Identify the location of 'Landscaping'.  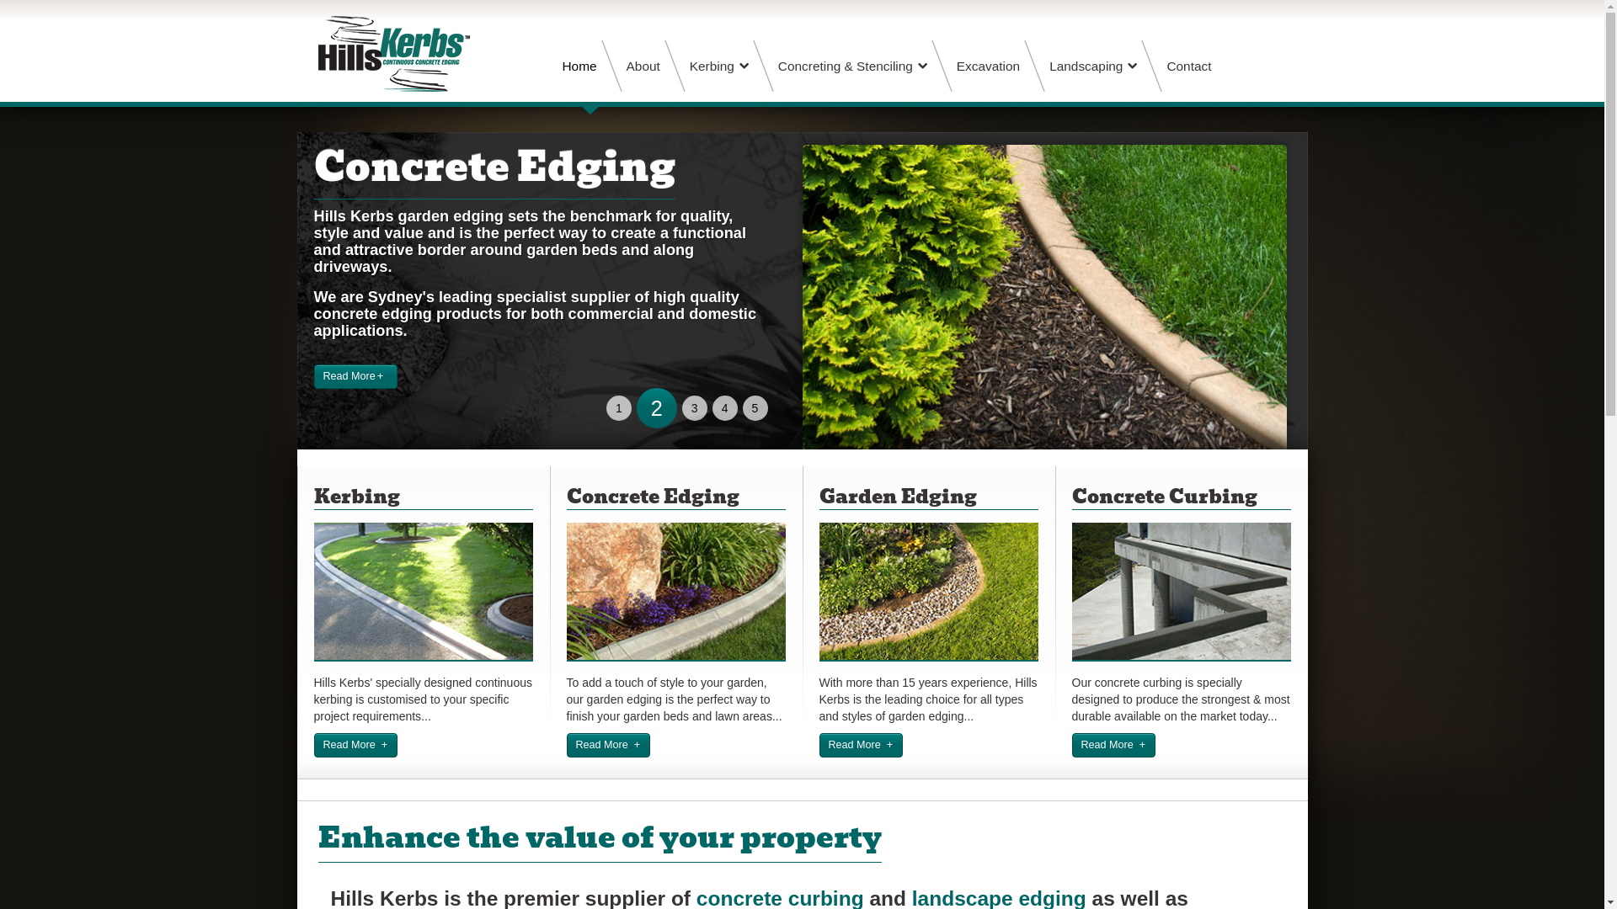
(1092, 64).